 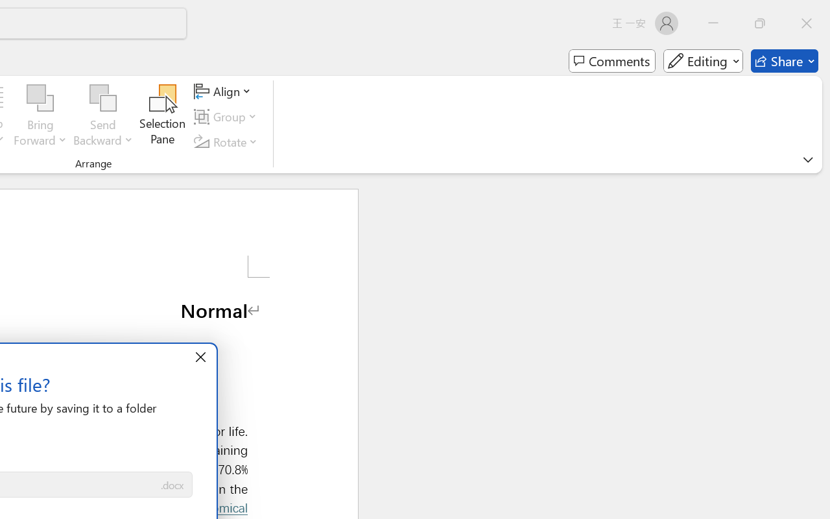 I want to click on 'Selection Pane...', so click(x=162, y=116).